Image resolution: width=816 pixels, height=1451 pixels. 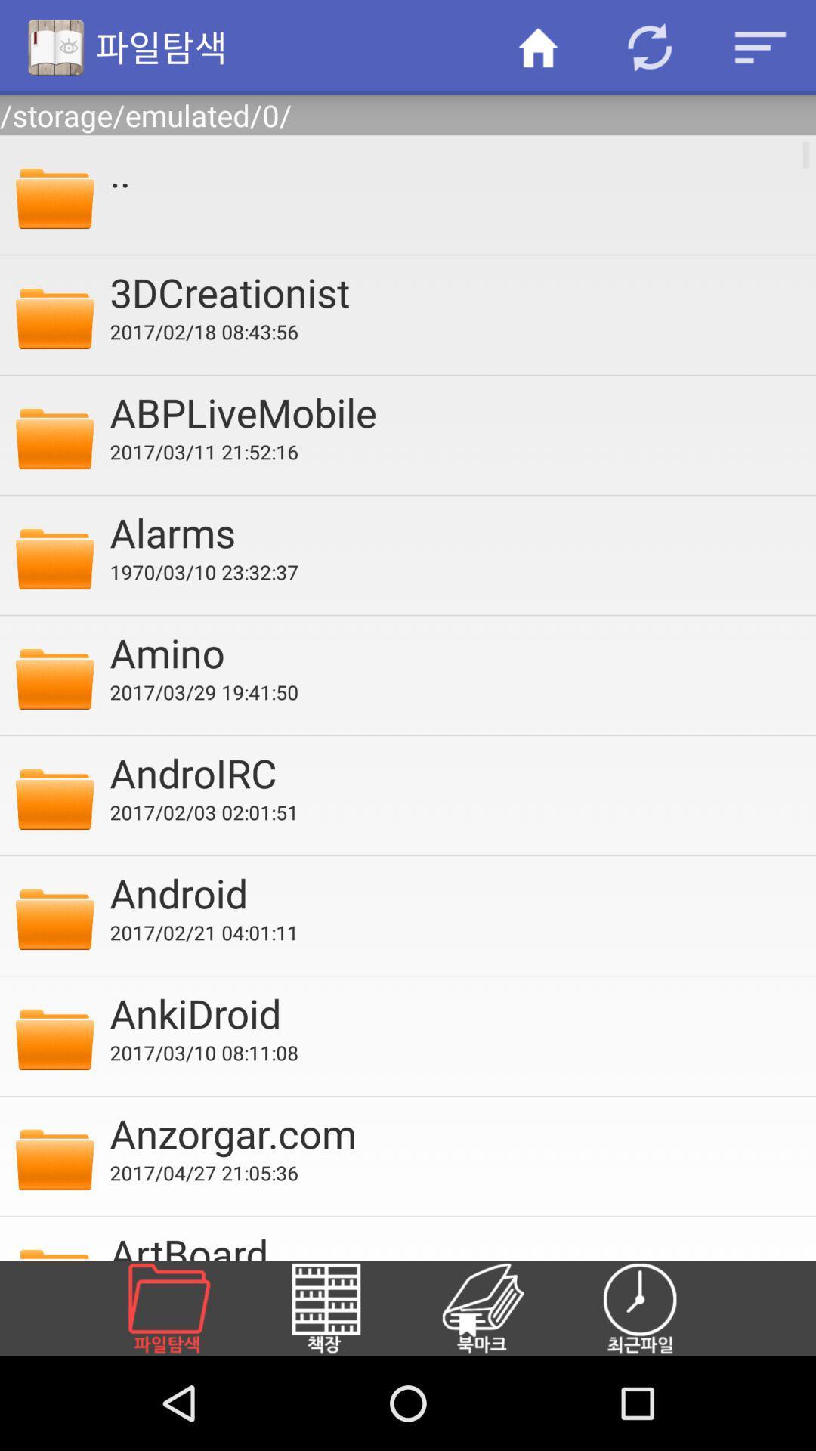 I want to click on the abplivemobile icon, so click(x=452, y=412).